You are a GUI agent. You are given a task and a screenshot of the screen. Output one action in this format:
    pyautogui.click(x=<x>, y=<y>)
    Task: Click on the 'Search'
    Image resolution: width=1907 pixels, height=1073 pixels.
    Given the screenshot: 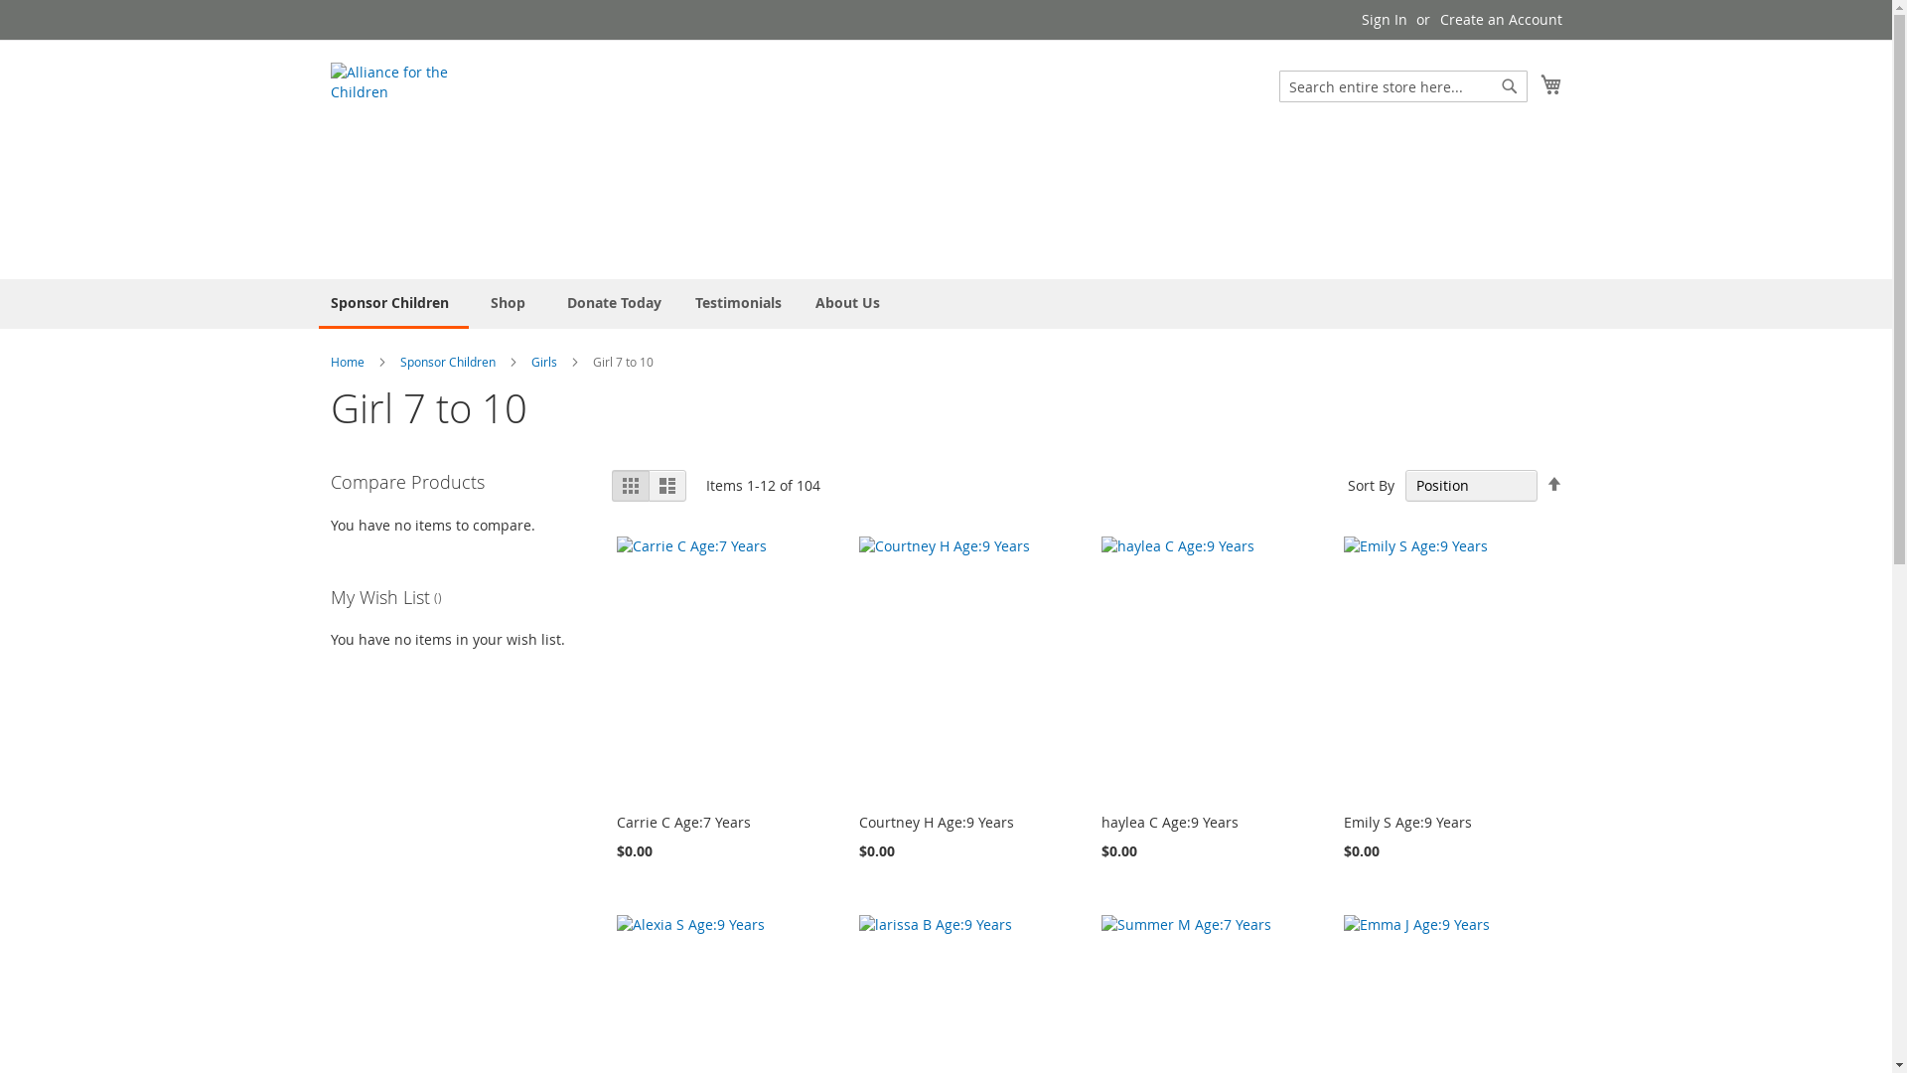 What is the action you would take?
    pyautogui.click(x=1510, y=85)
    